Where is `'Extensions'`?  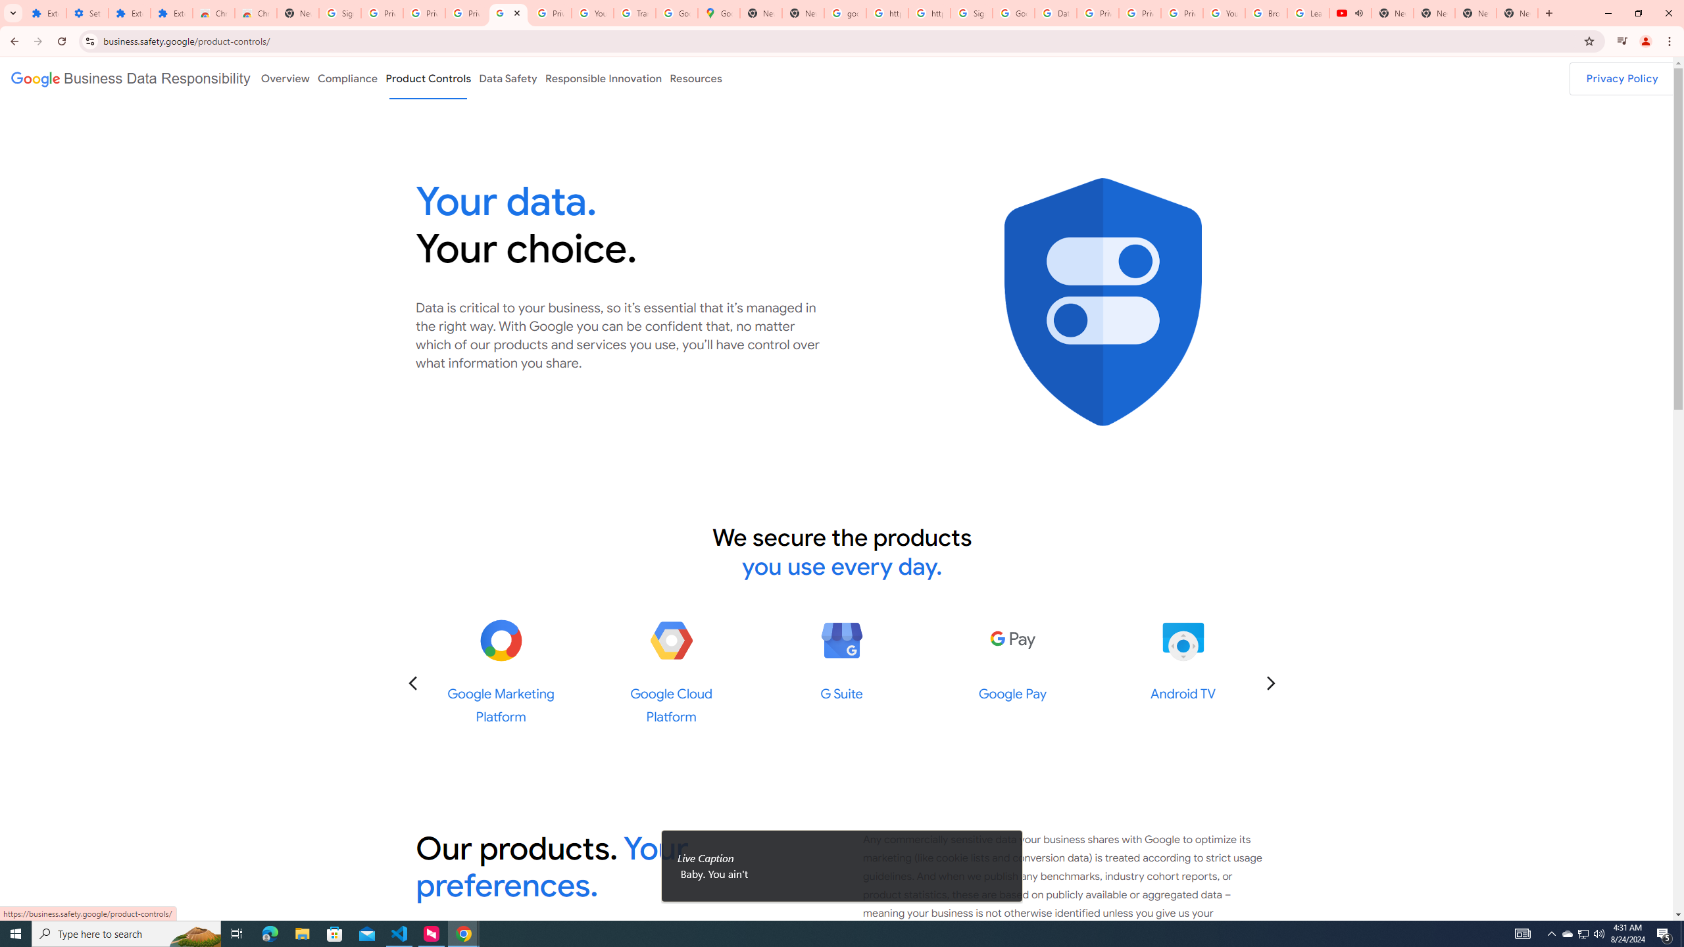 'Extensions' is located at coordinates (129, 12).